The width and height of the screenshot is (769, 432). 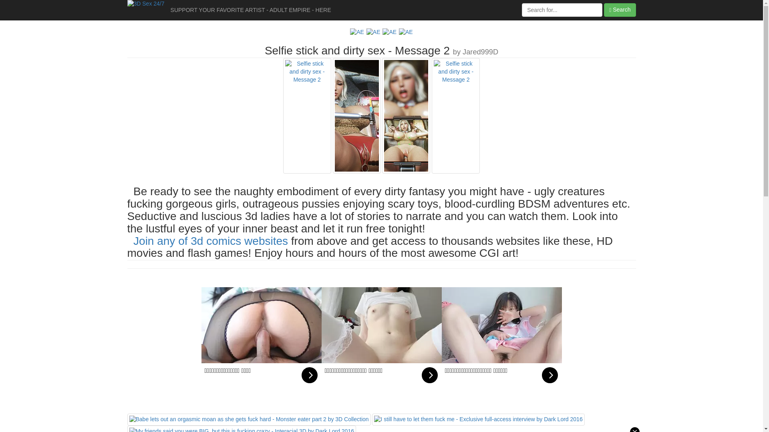 What do you see at coordinates (250, 10) in the screenshot?
I see `'SUPPORT YOUR FAVORITE ARTIST - ADULT EMPIRE - HERE'` at bounding box center [250, 10].